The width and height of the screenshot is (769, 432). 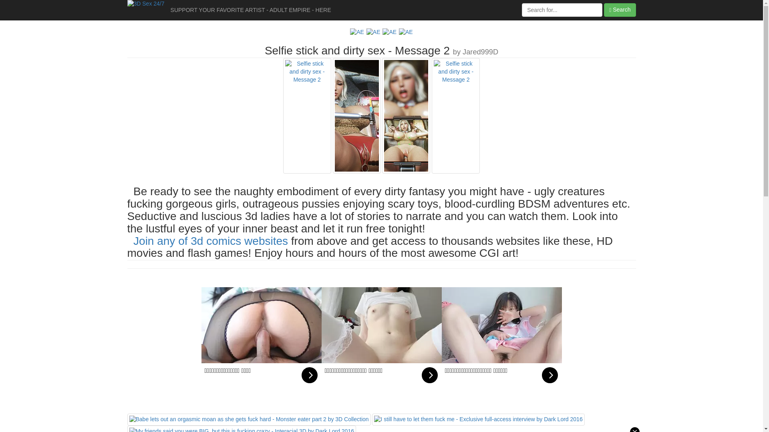 What do you see at coordinates (250, 10) in the screenshot?
I see `'SUPPORT YOUR FAVORITE ARTIST - ADULT EMPIRE - HERE'` at bounding box center [250, 10].